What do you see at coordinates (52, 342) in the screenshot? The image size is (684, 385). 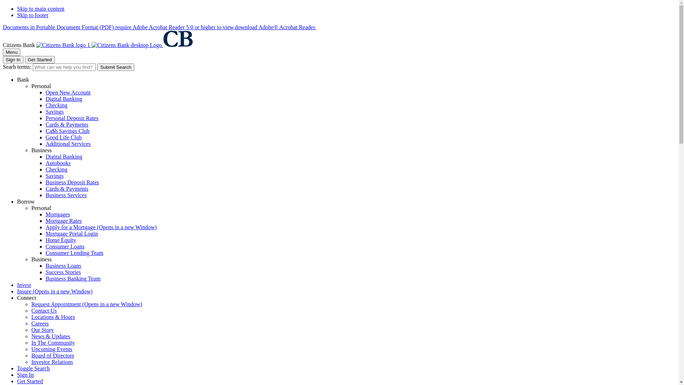 I see `'In The Community'` at bounding box center [52, 342].